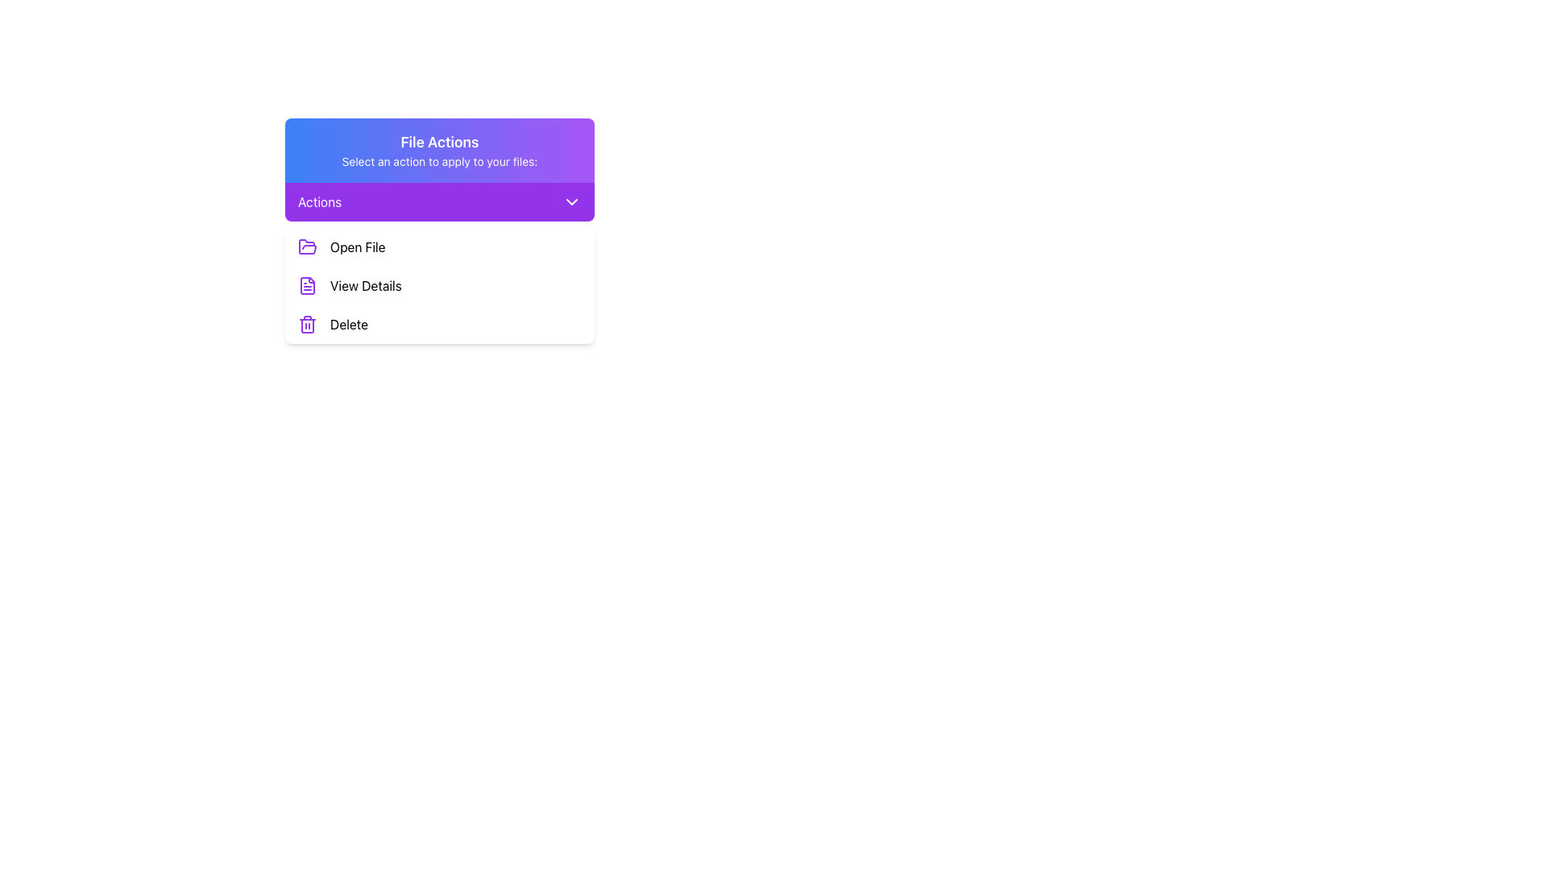  What do you see at coordinates (308, 284) in the screenshot?
I see `the 'View Details' icon, which is the second option in the 'Actions' dropdown menu, represented as an SVG graphical element` at bounding box center [308, 284].